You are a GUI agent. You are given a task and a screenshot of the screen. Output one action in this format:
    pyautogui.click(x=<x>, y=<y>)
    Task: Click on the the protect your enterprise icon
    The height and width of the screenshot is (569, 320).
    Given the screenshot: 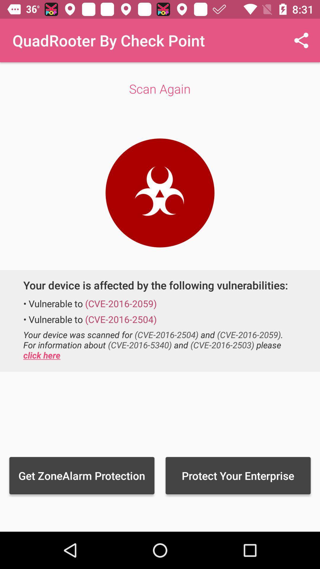 What is the action you would take?
    pyautogui.click(x=238, y=475)
    